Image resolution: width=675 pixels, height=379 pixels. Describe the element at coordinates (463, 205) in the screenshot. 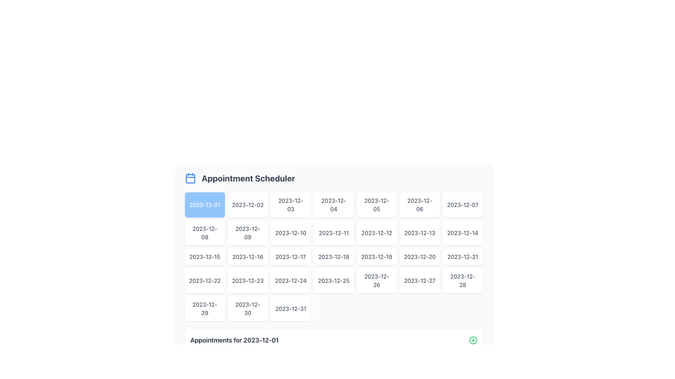

I see `the interactive button for the date '2023-12-07' located in the top-right corner of the Appointment Scheduler grid` at that location.